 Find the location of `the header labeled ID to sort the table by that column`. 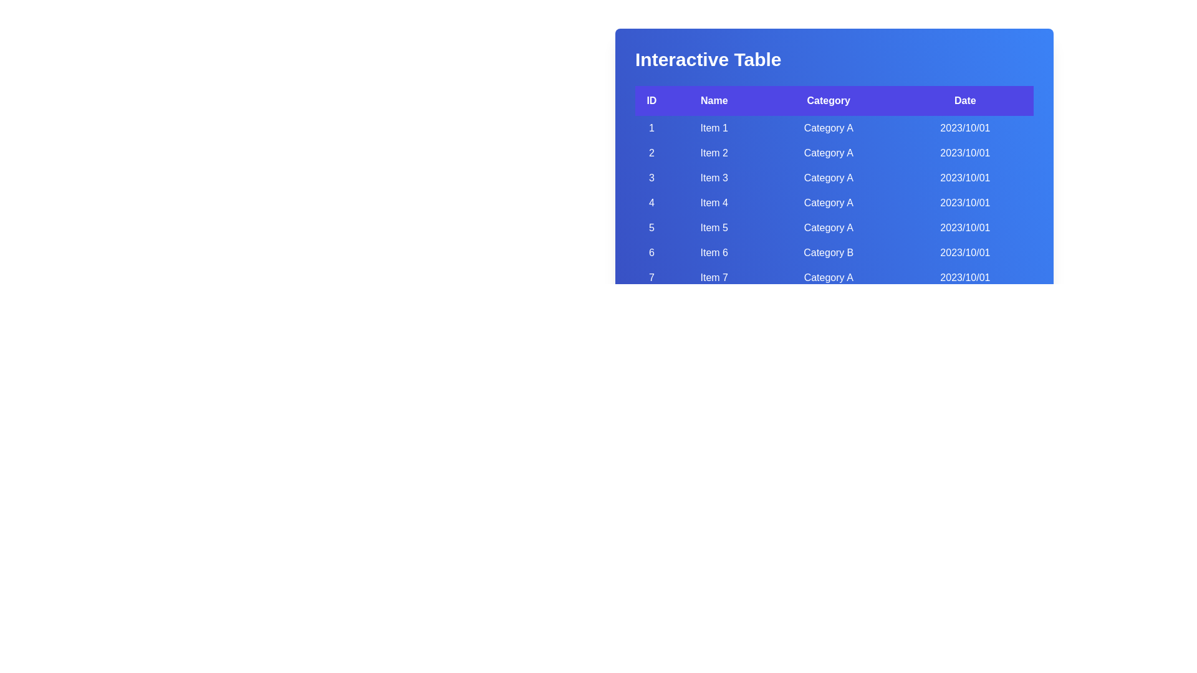

the header labeled ID to sort the table by that column is located at coordinates (651, 100).